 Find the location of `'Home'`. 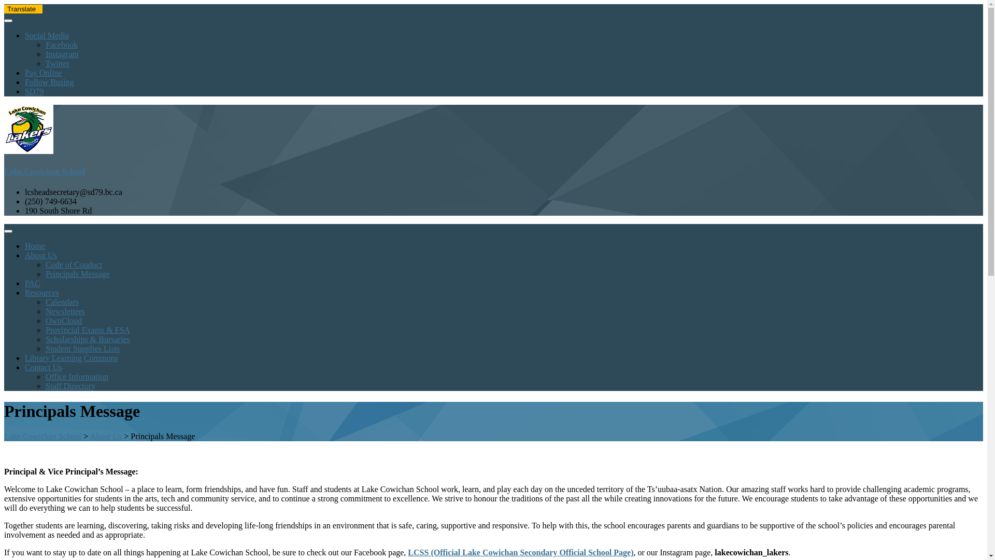

'Home' is located at coordinates (35, 246).